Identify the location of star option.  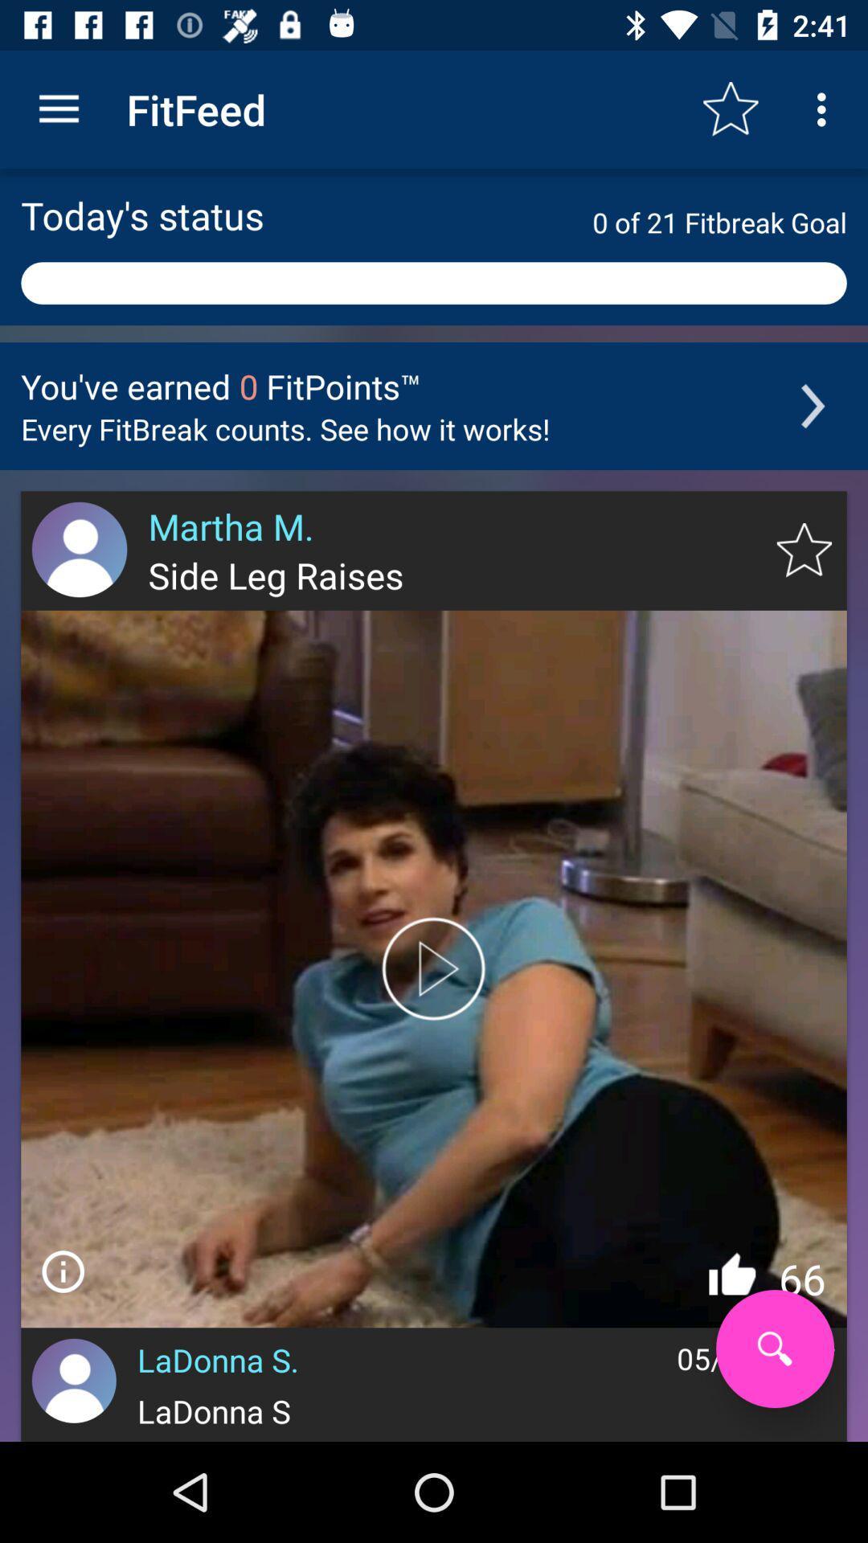
(804, 550).